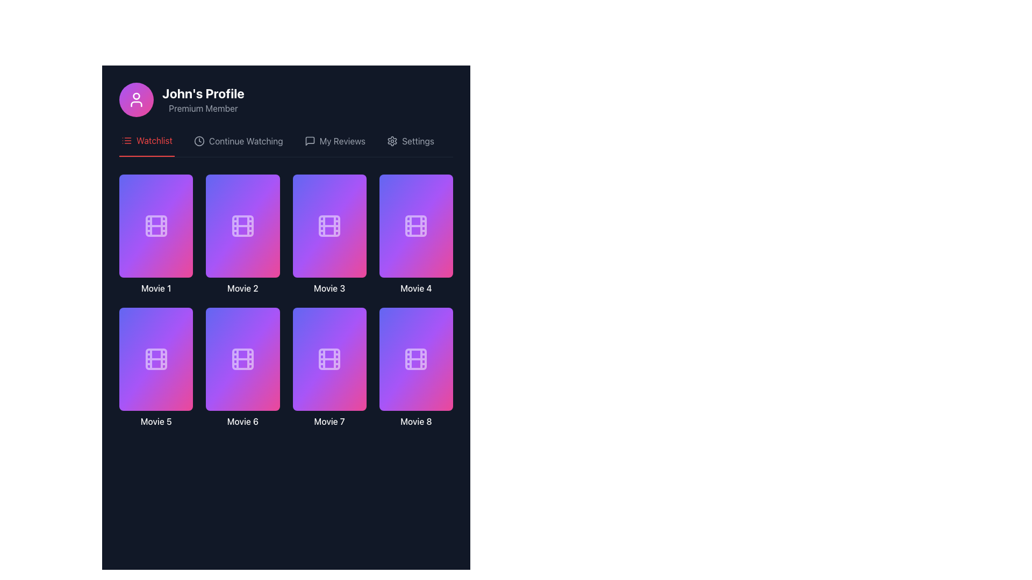 The height and width of the screenshot is (580, 1032). What do you see at coordinates (136, 96) in the screenshot?
I see `the circular profile icon representing 'John's Profile' in the header area of the SVG component` at bounding box center [136, 96].